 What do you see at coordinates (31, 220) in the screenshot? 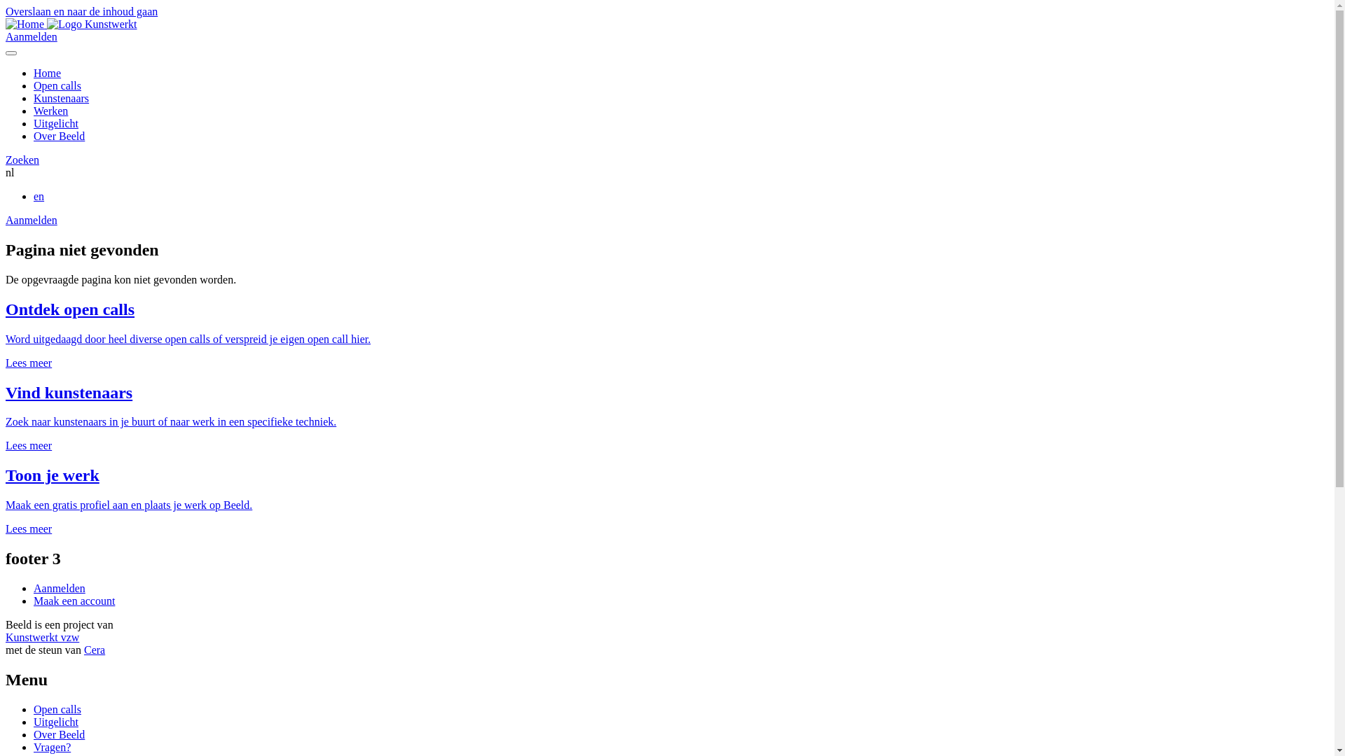
I see `'Aanmelden'` at bounding box center [31, 220].